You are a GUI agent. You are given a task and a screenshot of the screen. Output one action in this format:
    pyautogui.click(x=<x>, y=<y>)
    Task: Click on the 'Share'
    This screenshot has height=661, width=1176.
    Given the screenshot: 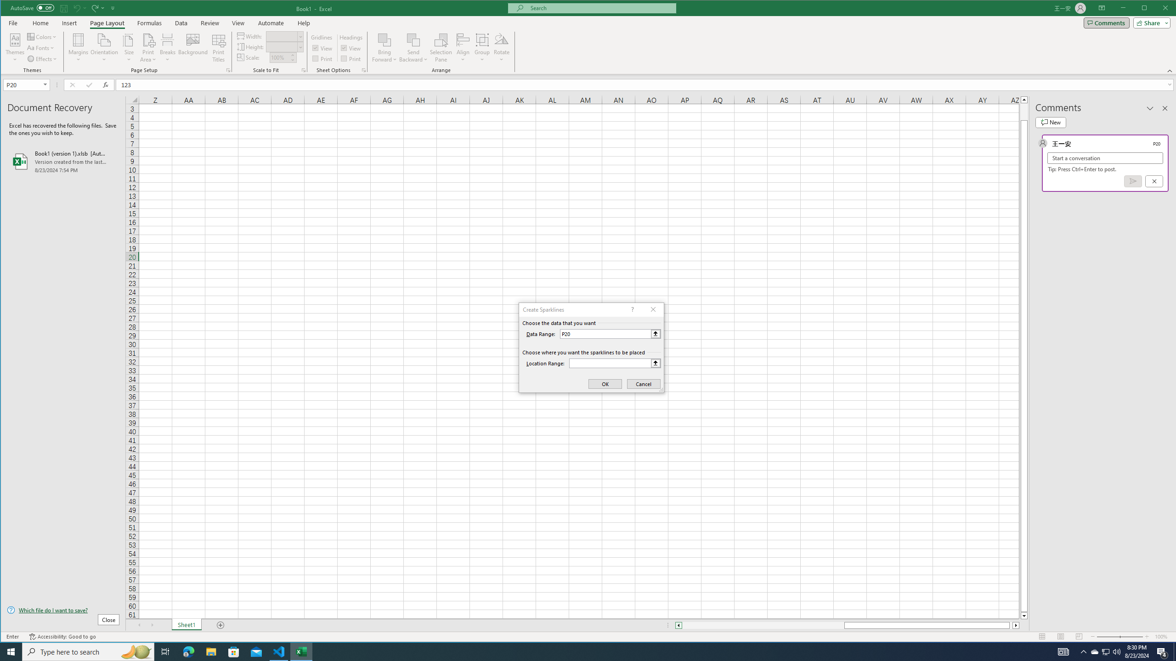 What is the action you would take?
    pyautogui.click(x=1149, y=22)
    